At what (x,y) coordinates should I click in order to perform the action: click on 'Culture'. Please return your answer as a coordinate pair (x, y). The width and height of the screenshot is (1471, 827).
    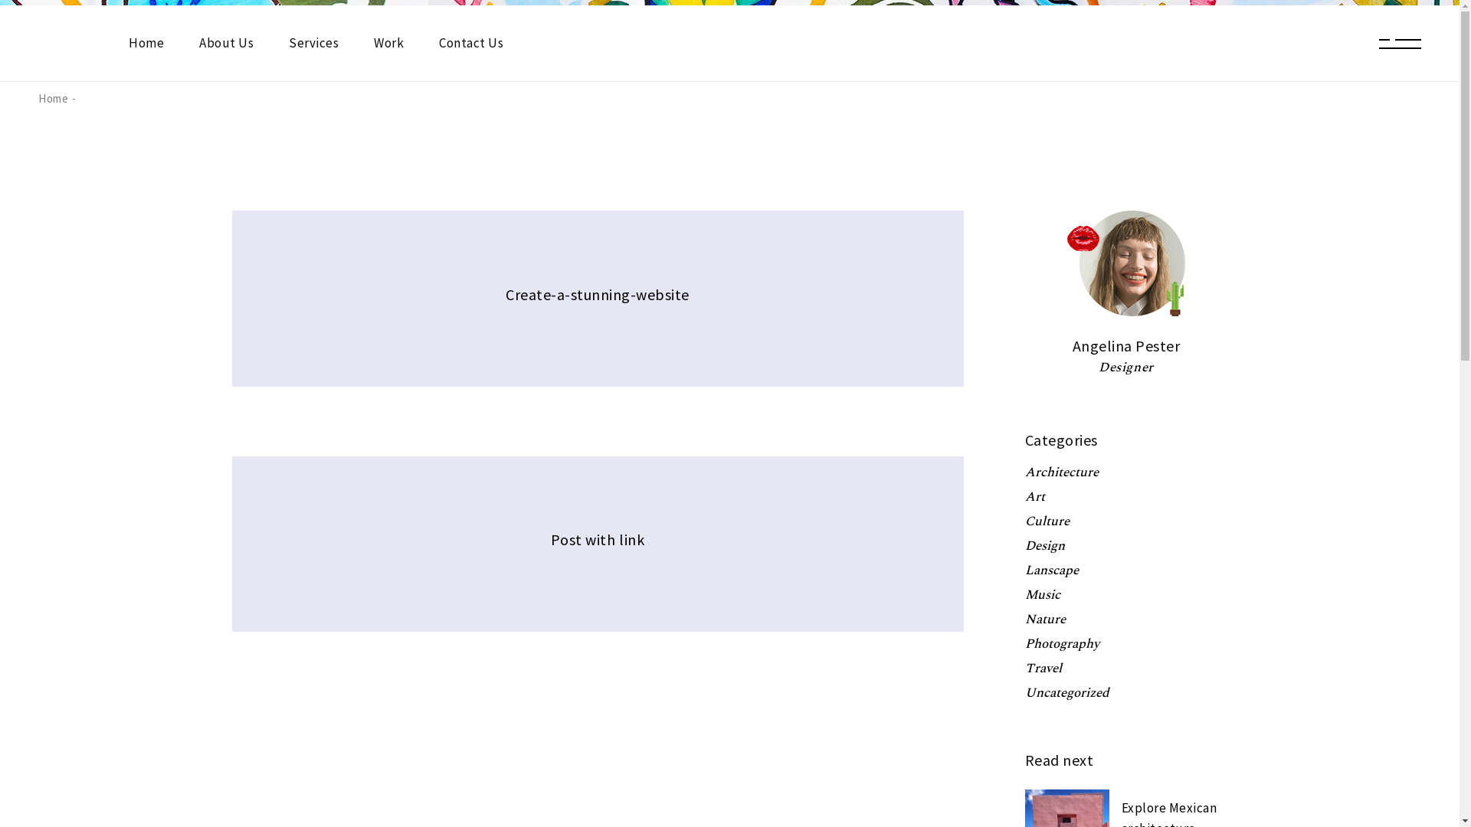
    Looking at the image, I should click on (1025, 521).